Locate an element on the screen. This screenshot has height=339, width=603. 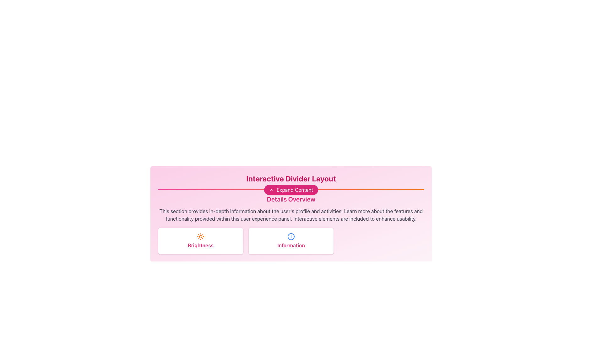
the brightness icon, which is visually represented and centrally positioned within a white card with rounded corners and a shadow effect, located below the 'Details Overview' section is located at coordinates (200, 236).